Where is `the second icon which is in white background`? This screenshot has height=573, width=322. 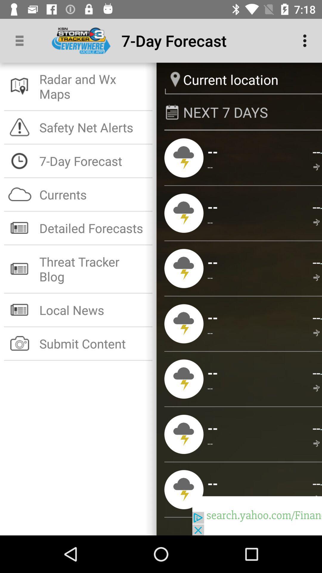
the second icon which is in white background is located at coordinates (19, 127).